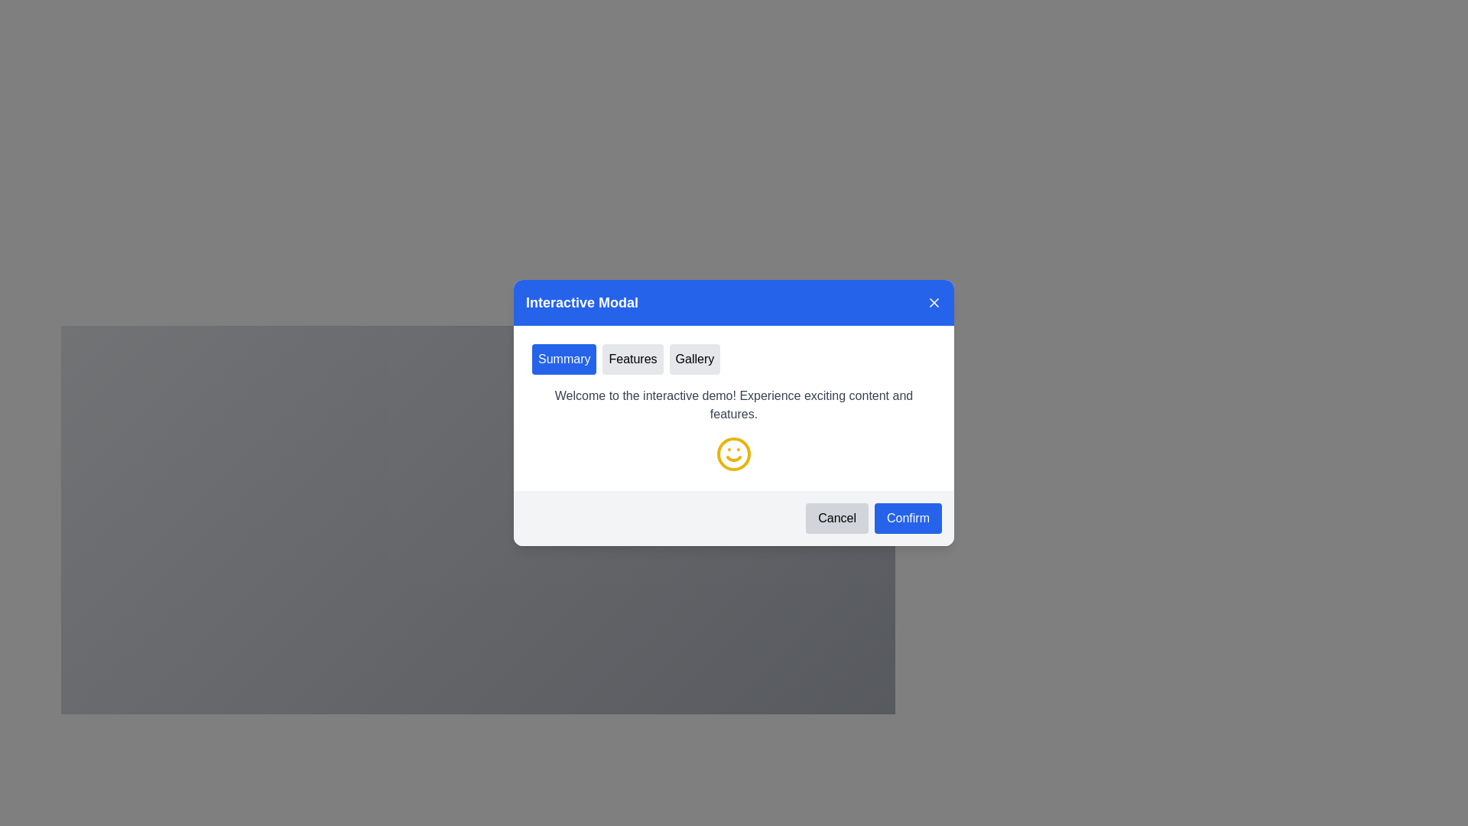 The width and height of the screenshot is (1468, 826). What do you see at coordinates (836, 518) in the screenshot?
I see `the 'Cancel' button located at the bottom left of the dialog box` at bounding box center [836, 518].